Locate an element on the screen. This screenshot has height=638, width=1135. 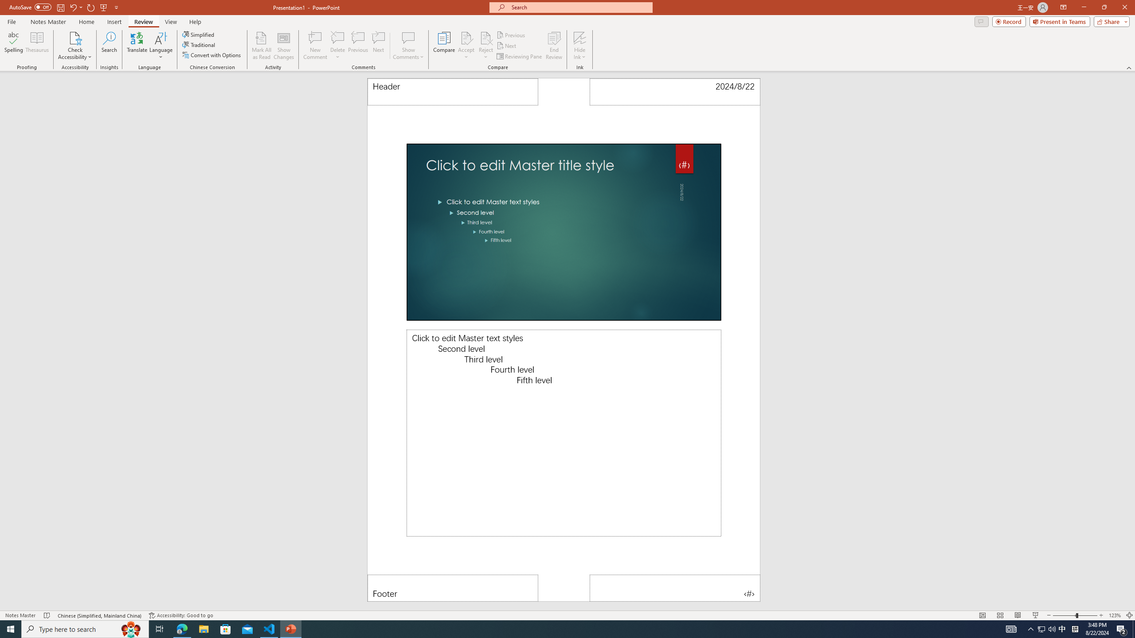
'Previous' is located at coordinates (511, 35).